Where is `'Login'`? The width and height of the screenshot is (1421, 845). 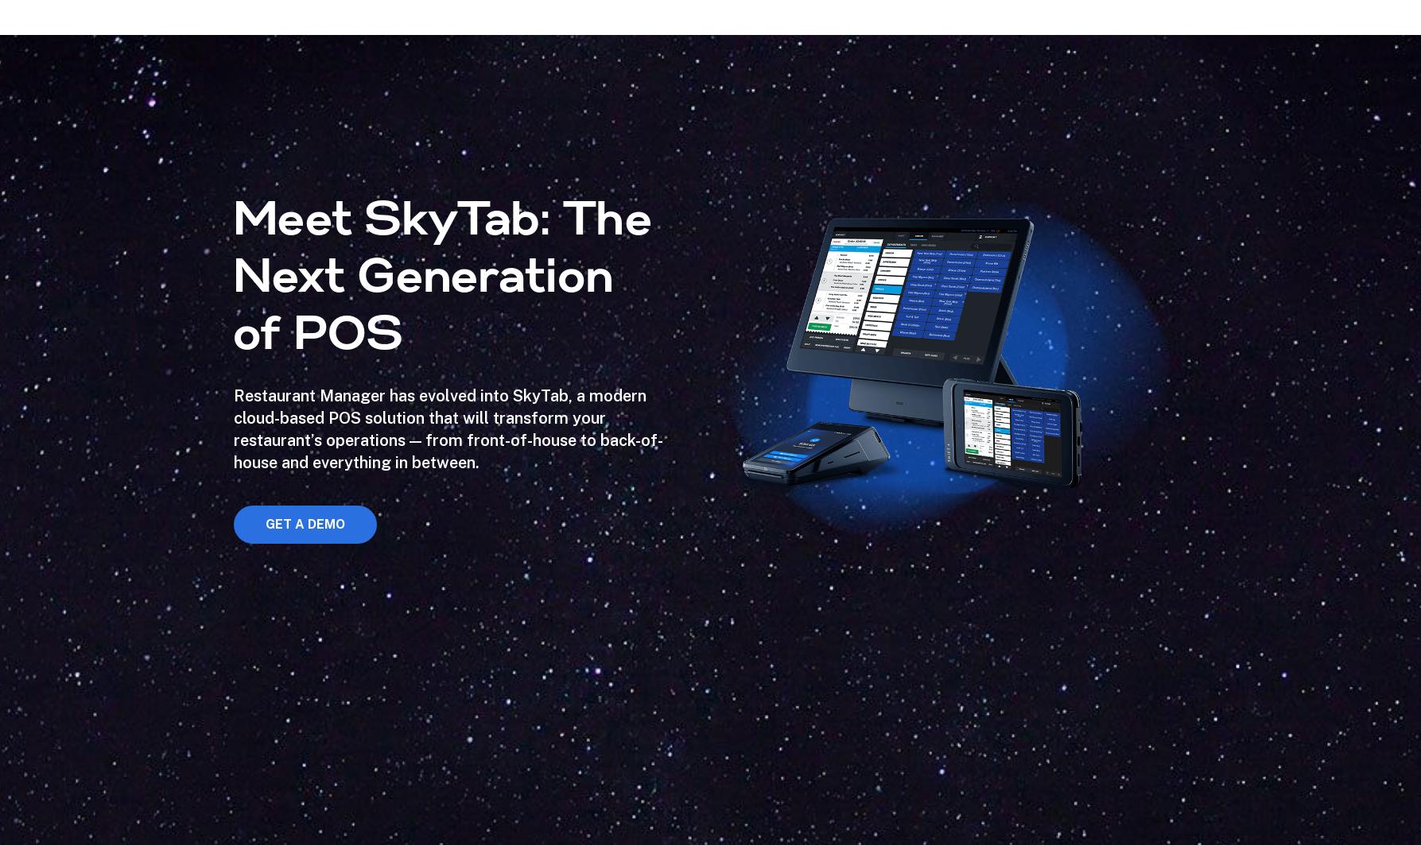 'Login' is located at coordinates (1328, 66).